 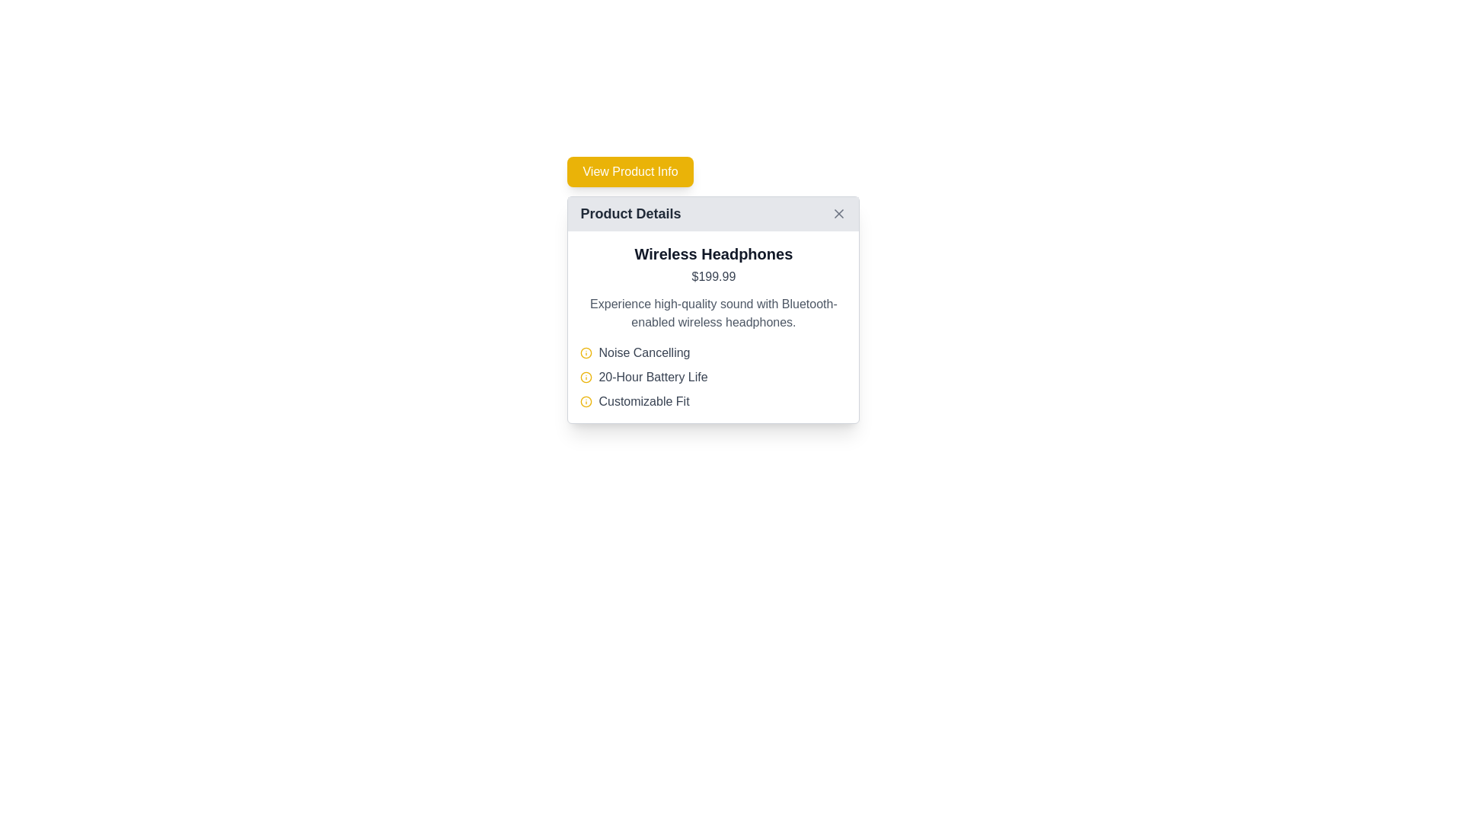 What do you see at coordinates (713, 313) in the screenshot?
I see `text displayed in the text component that describes the product as 'Experience high-quality sound with Bluetooth-enabled wireless headphones.' This text is medium-sized, gray-colored, and located within a product details card, specifically positioned beneath the price and above the features list` at bounding box center [713, 313].